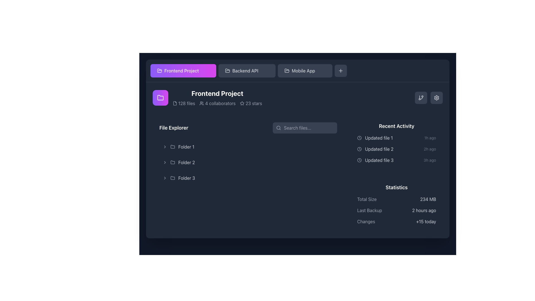 This screenshot has width=535, height=301. What do you see at coordinates (172, 162) in the screenshot?
I see `the folder icon representing 'Folder 2' in the File Explorer panel, which is located to the left of the label 'Folder 2'` at bounding box center [172, 162].